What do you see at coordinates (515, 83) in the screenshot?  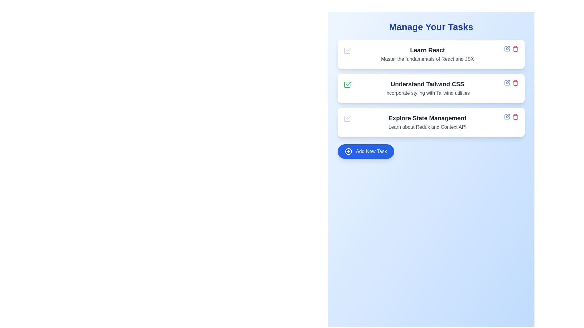 I see `the delete icon button located to the right of the blue pen icon in the task card for 'Understand Tailwind CSS'` at bounding box center [515, 83].